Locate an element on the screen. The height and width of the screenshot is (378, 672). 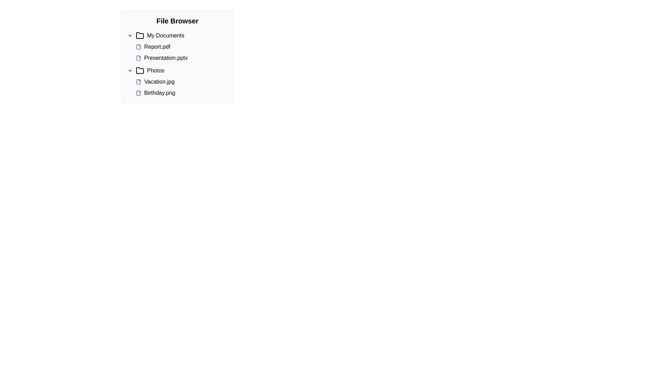
the file icon representing 'Birthday.png' located in the 'Photos' section of the 'File Browser' by clicking on it is located at coordinates (138, 93).